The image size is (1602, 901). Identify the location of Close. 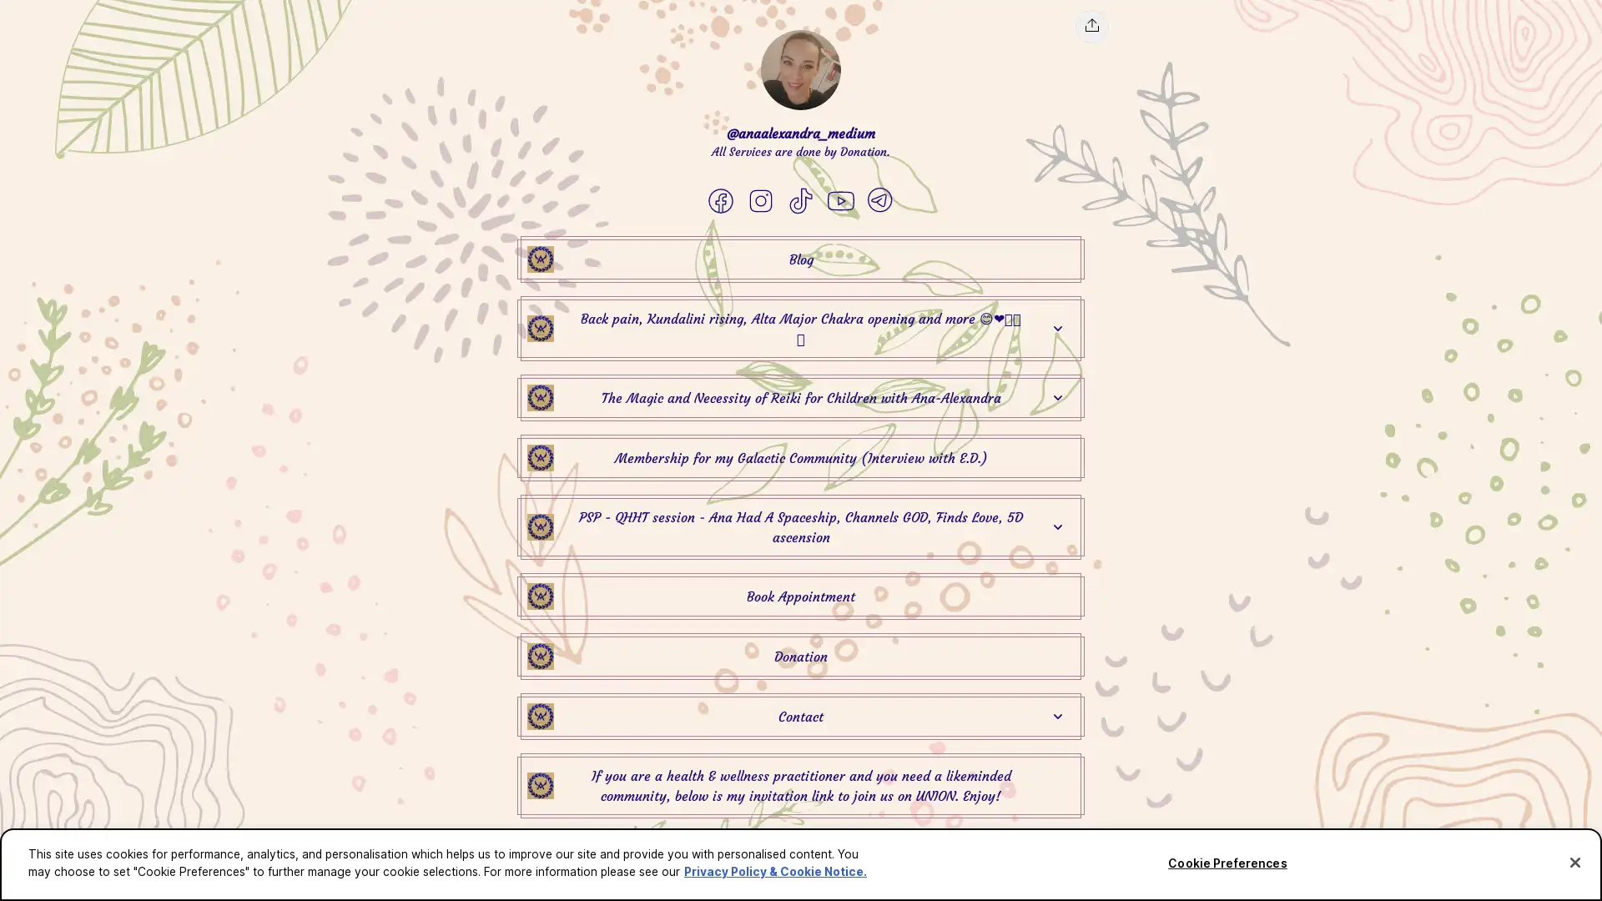
(1574, 862).